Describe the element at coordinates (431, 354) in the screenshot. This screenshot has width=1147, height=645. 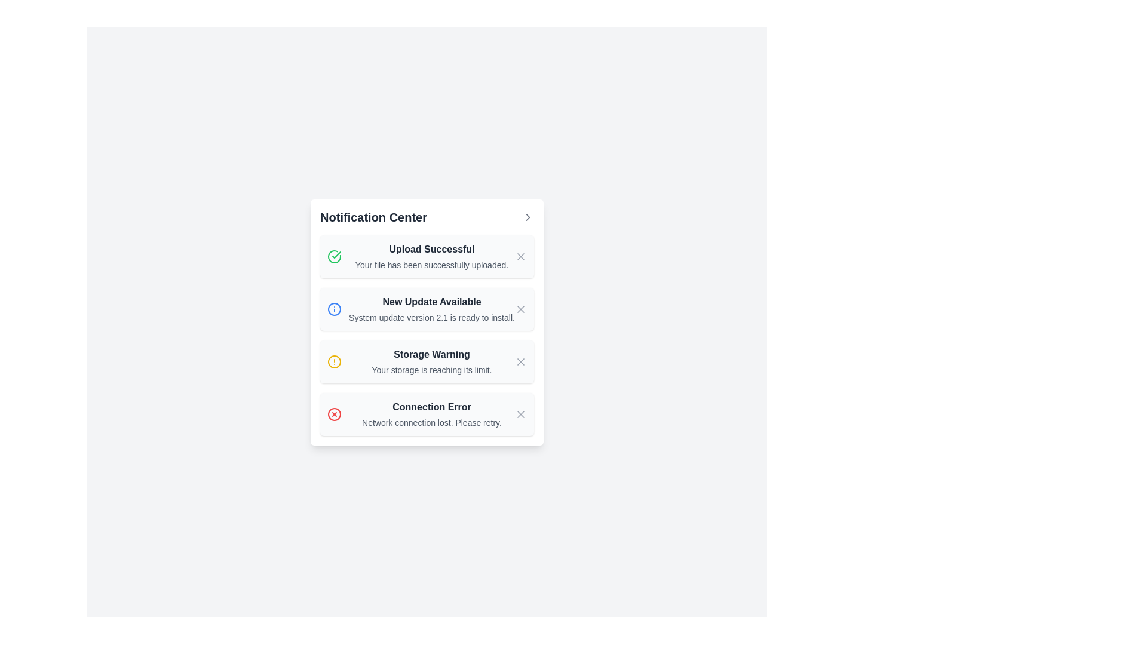
I see `'Storage Warning' text label to understand the warning about storage limits` at that location.